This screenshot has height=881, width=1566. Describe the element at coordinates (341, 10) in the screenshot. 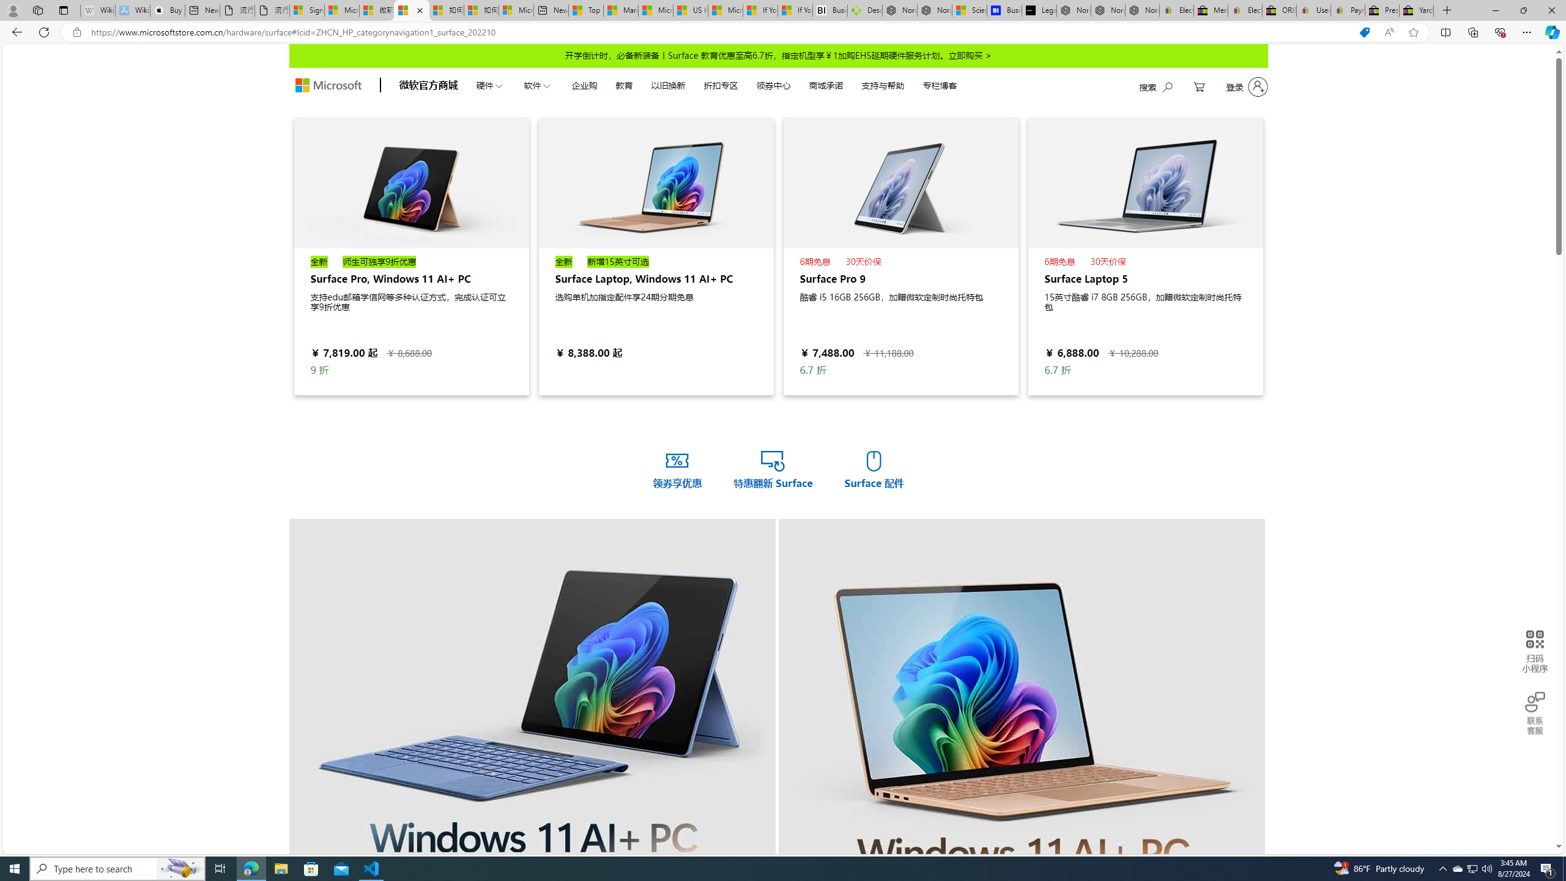

I see `'Microsoft Services Agreement'` at that location.